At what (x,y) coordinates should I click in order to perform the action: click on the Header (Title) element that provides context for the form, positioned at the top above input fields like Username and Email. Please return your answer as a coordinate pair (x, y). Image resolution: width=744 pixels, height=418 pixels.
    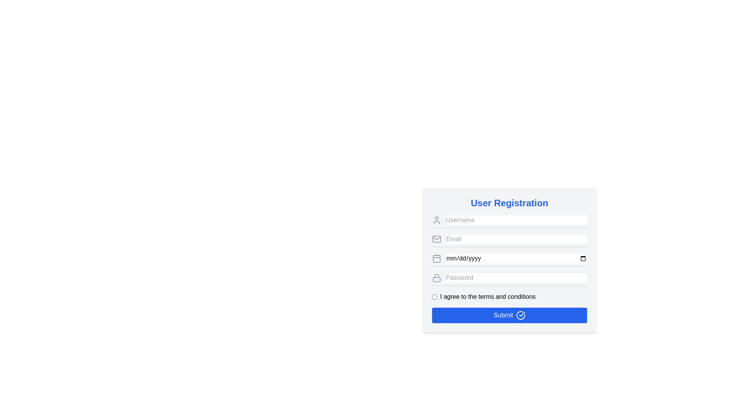
    Looking at the image, I should click on (510, 202).